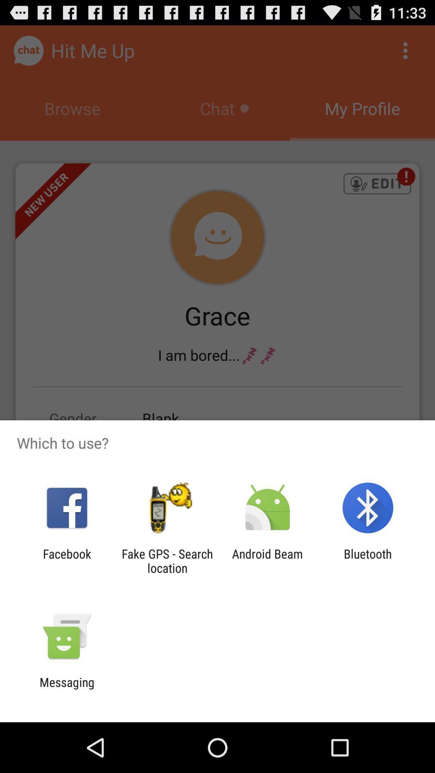  Describe the element at coordinates (66, 560) in the screenshot. I see `app next to the fake gps search item` at that location.